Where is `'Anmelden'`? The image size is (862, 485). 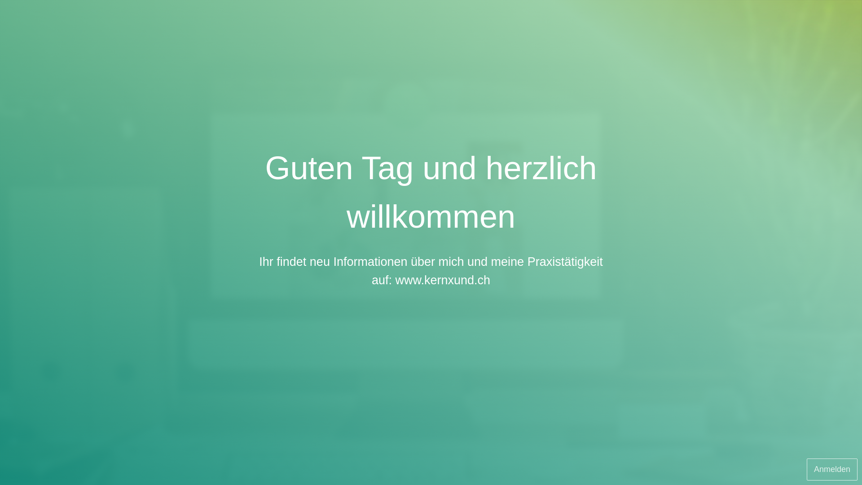
'Anmelden' is located at coordinates (831, 469).